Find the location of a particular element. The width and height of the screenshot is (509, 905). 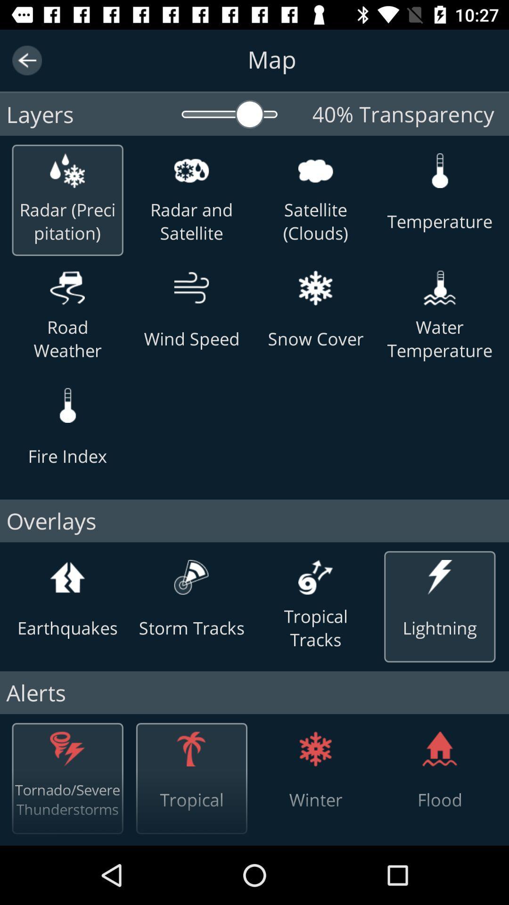

the icon above road weather text is located at coordinates (67, 288).